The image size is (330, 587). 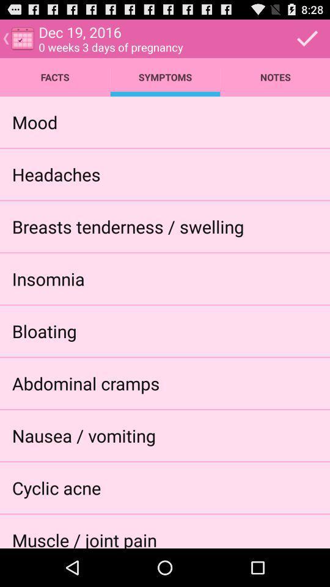 What do you see at coordinates (83, 435) in the screenshot?
I see `the item above the cyclic acne icon` at bounding box center [83, 435].